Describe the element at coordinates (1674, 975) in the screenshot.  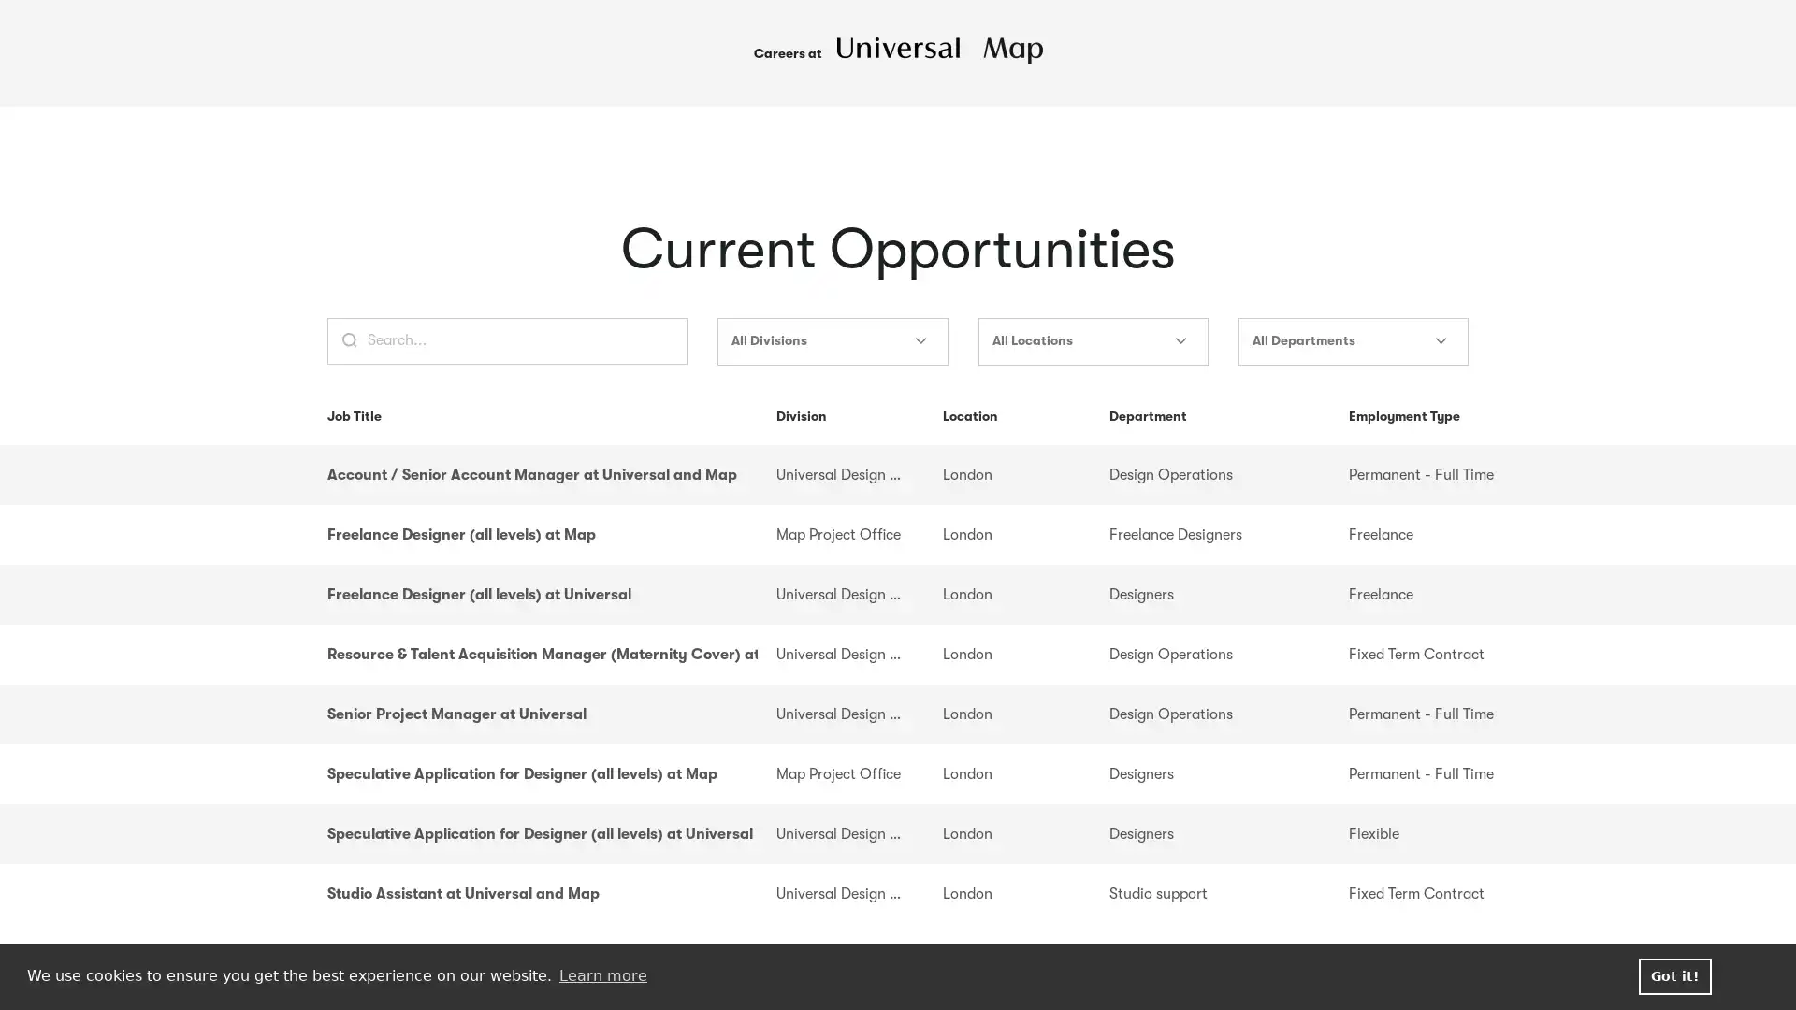
I see `dismiss cookie message` at that location.